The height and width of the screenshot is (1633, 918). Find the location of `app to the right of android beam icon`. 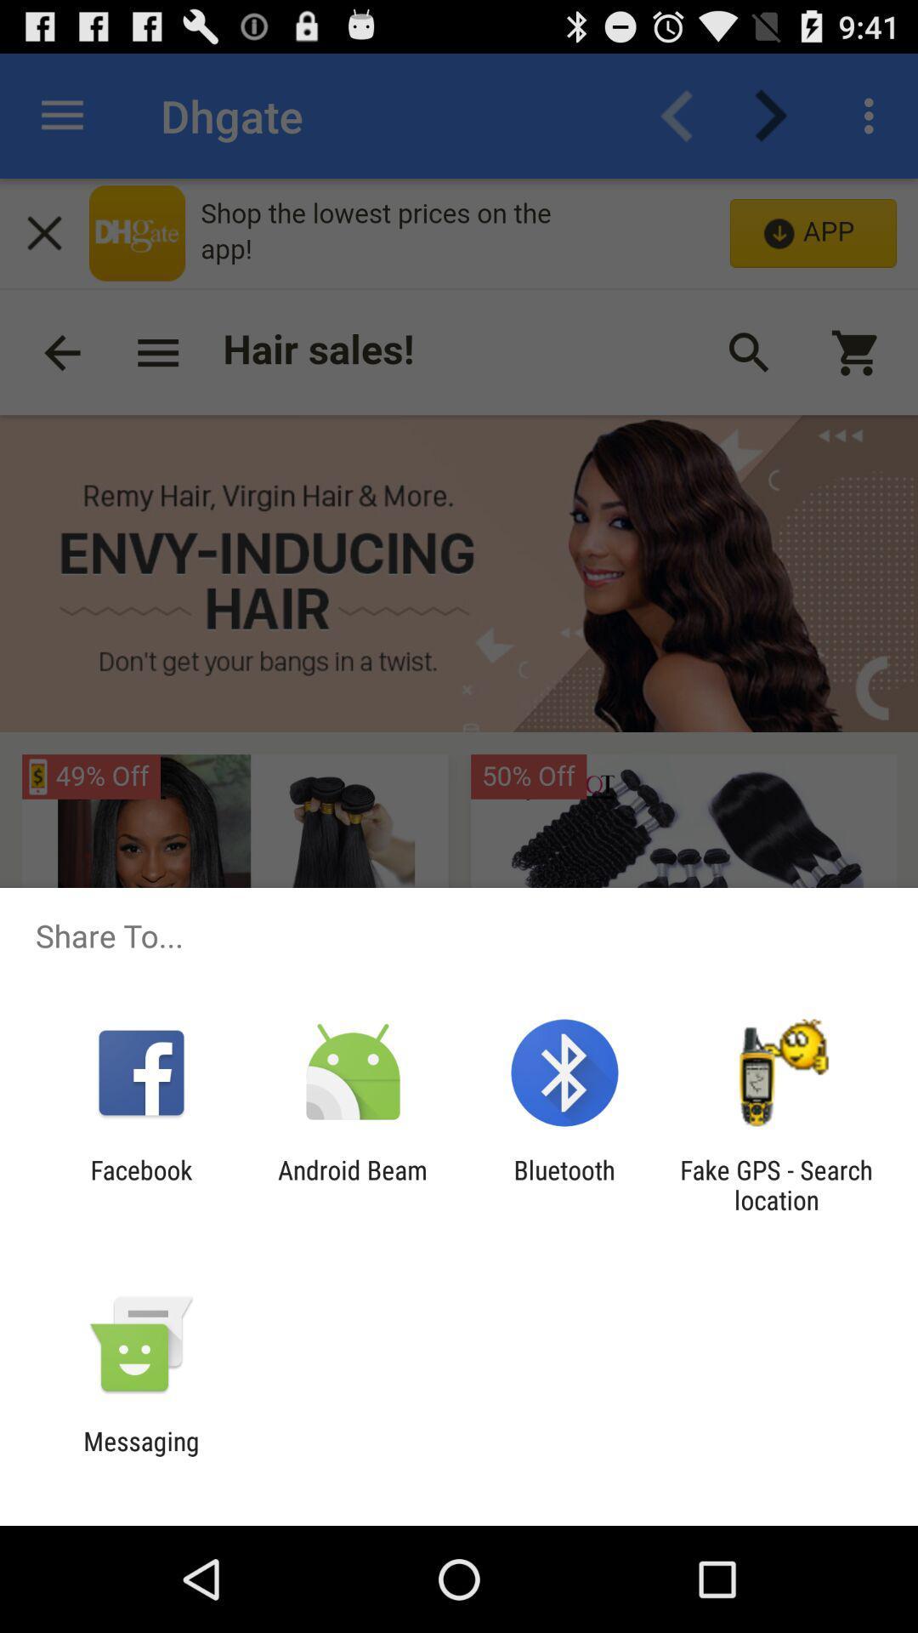

app to the right of android beam icon is located at coordinates (564, 1184).